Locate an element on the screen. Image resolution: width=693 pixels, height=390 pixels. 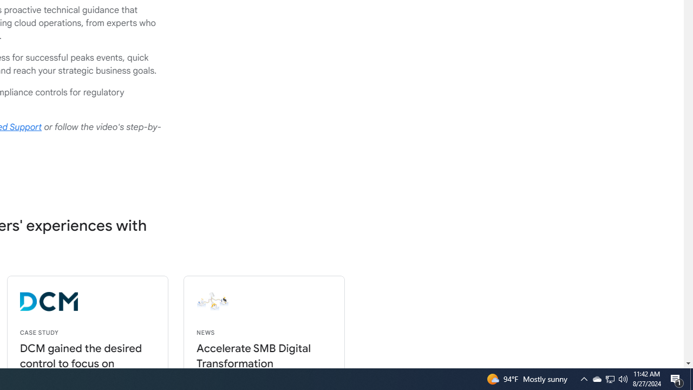
'employees connected through the cloud illustration' is located at coordinates (293, 302).